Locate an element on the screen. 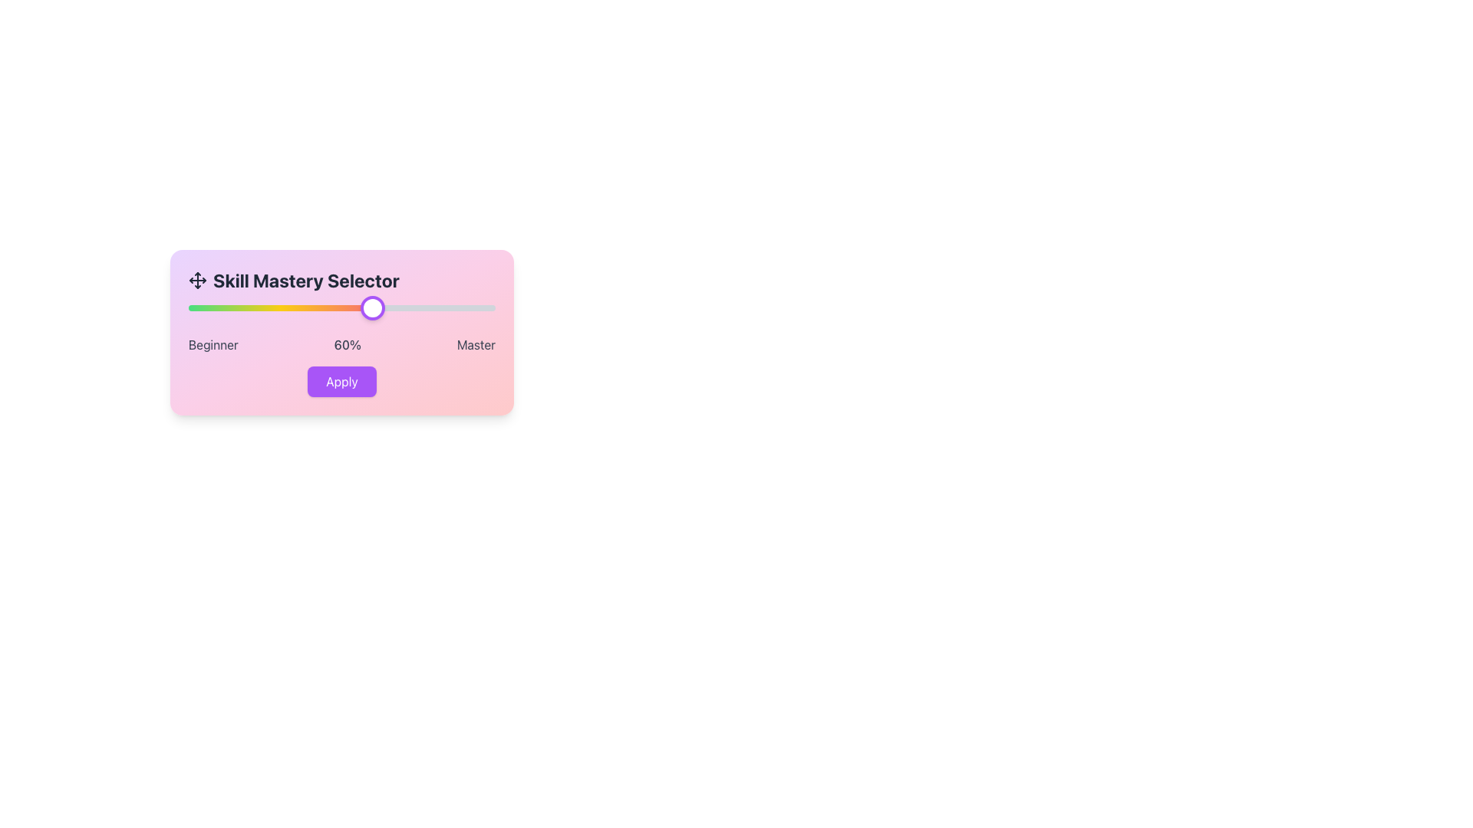 This screenshot has width=1473, height=828. the Skill Mastery level is located at coordinates (412, 307).